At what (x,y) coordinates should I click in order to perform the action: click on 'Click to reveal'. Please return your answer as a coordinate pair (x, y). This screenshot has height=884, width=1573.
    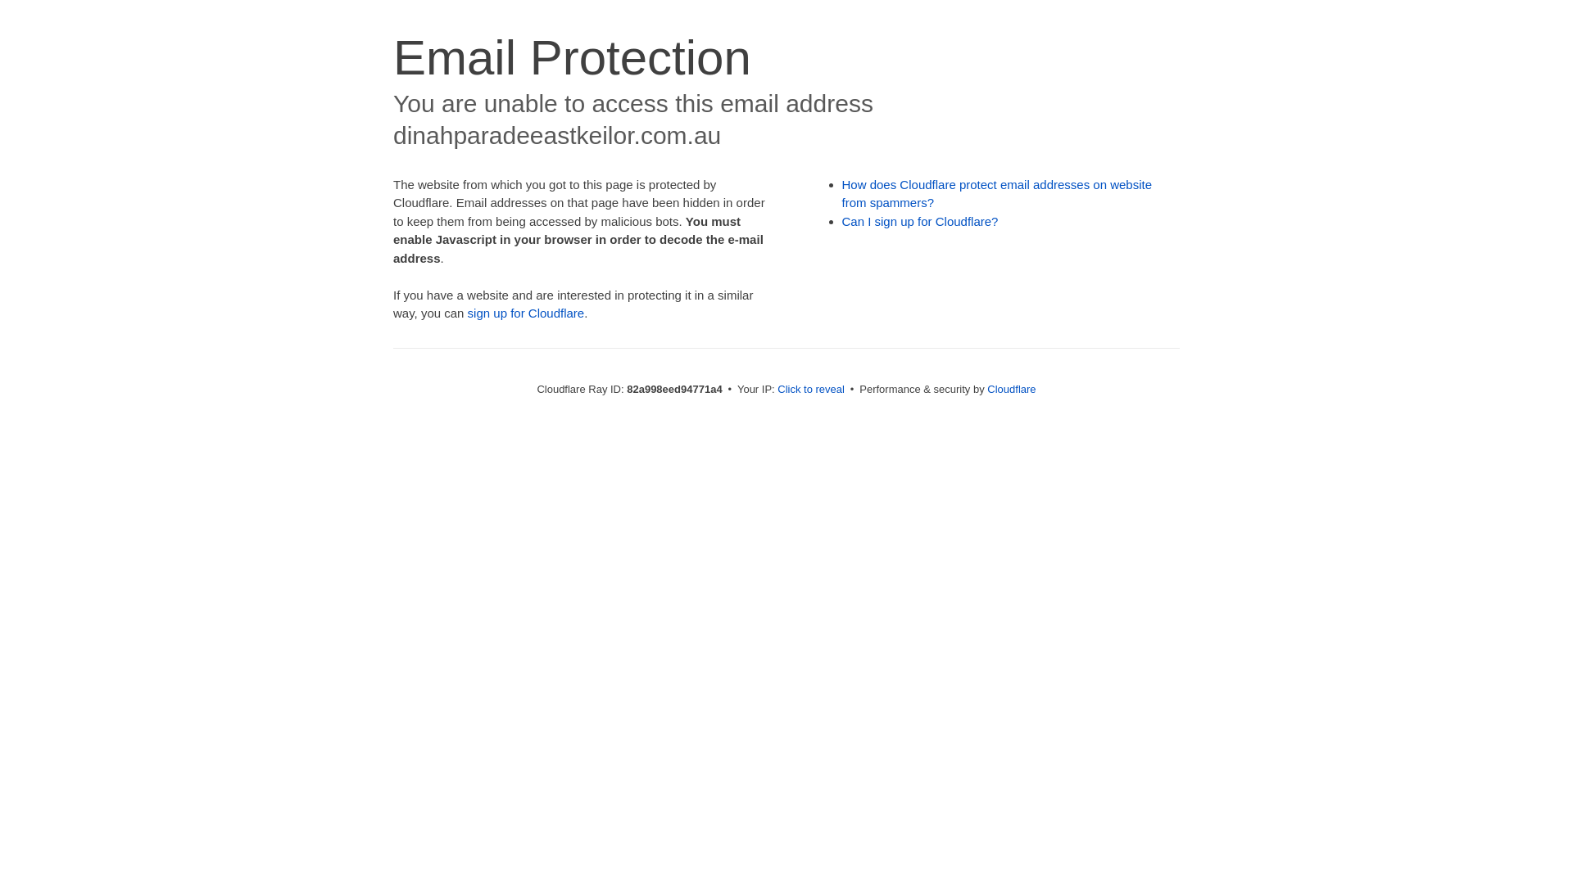
    Looking at the image, I should click on (810, 389).